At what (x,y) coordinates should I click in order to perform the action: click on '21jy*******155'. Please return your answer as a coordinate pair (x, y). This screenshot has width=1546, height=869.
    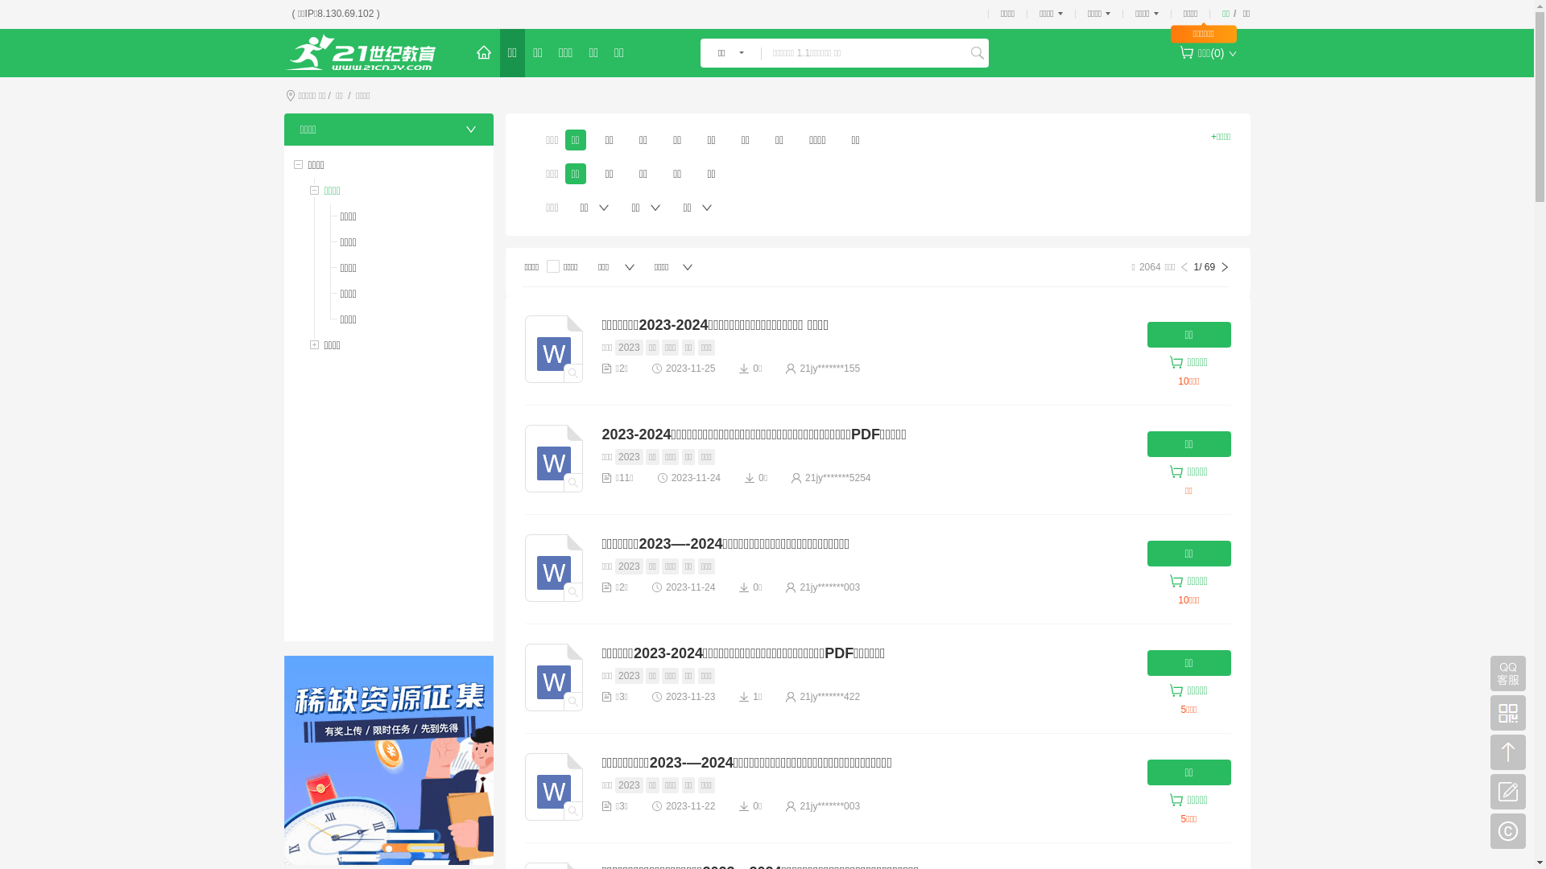
    Looking at the image, I should click on (829, 369).